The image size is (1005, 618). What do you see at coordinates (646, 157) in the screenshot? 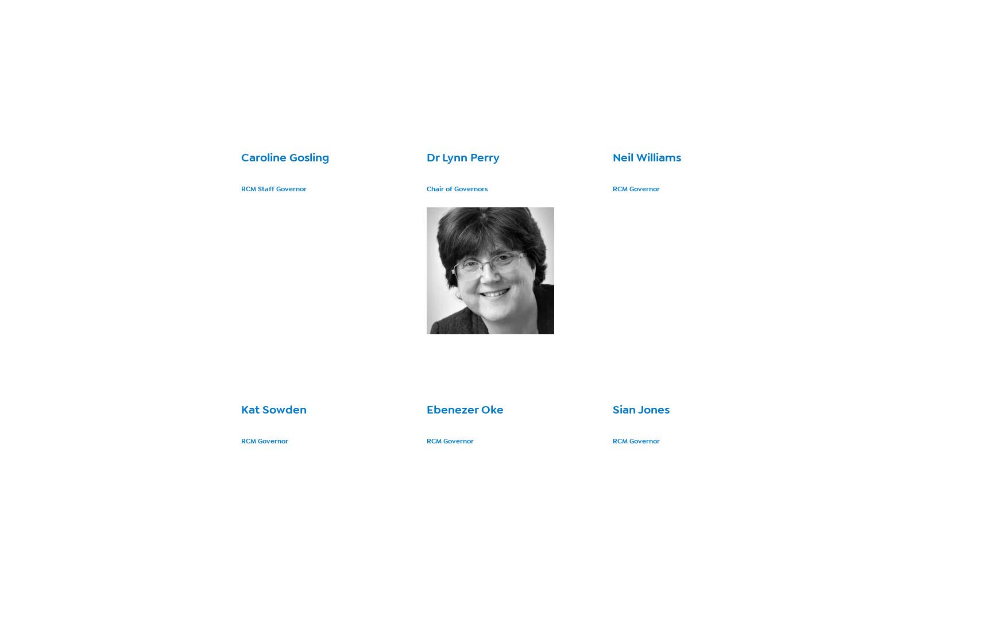
I see `'Neil Williams'` at bounding box center [646, 157].